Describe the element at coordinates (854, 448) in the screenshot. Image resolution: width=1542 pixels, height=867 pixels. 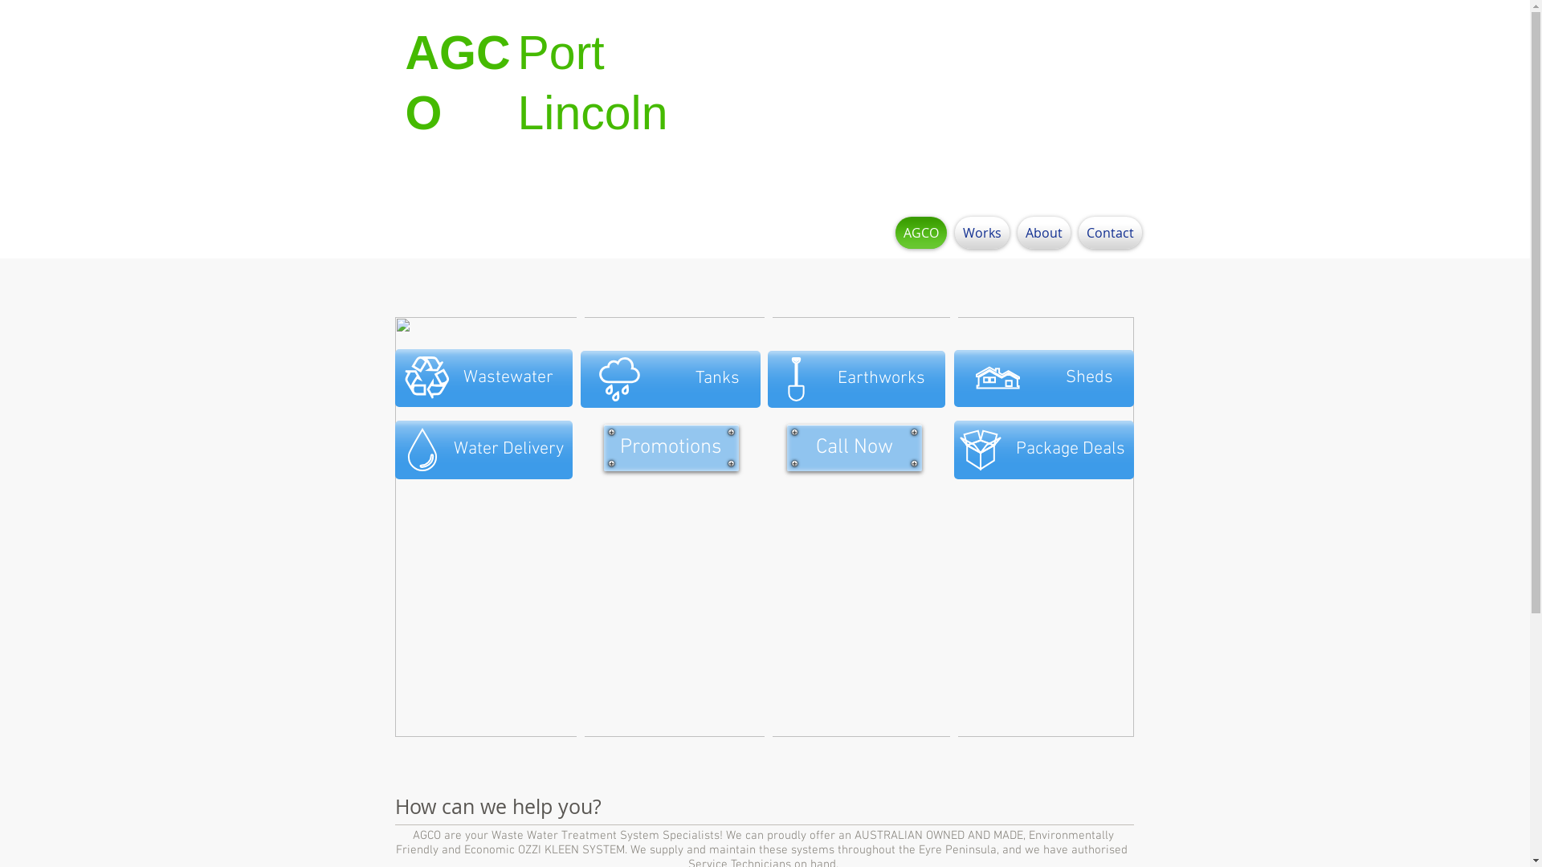
I see `'Call Now'` at that location.